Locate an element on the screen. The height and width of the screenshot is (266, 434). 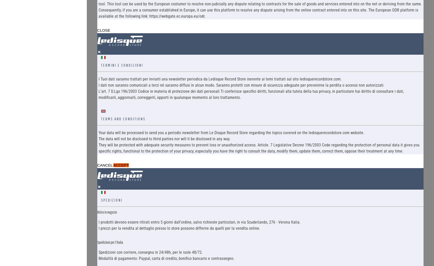
'Consequently, if you are a consumer established in Europe, it can use this platform to resolve any dispute arising from the online contract entered into on this site. The European ODR platform is available
at the following link: https://webgate.ec.europa.eu/odr.' is located at coordinates (258, 13).